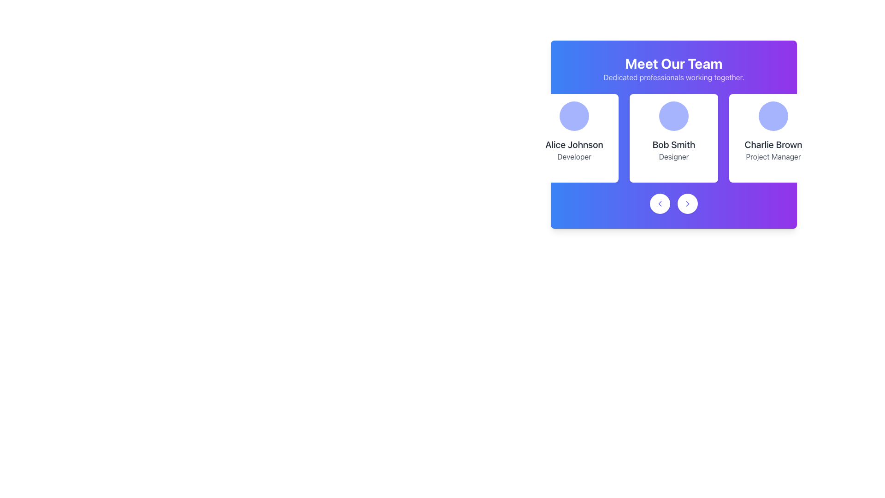 This screenshot has width=885, height=498. I want to click on text content of the 'Charlie Brown' text label located in the 'Meet Our Team' section, which is displayed in a dark, bold font below the avatar image and above 'Project Manager', so click(773, 144).